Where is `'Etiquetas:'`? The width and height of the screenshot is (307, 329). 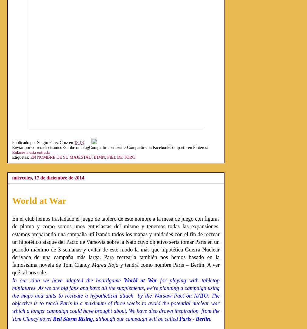
'Etiquetas:' is located at coordinates (21, 157).